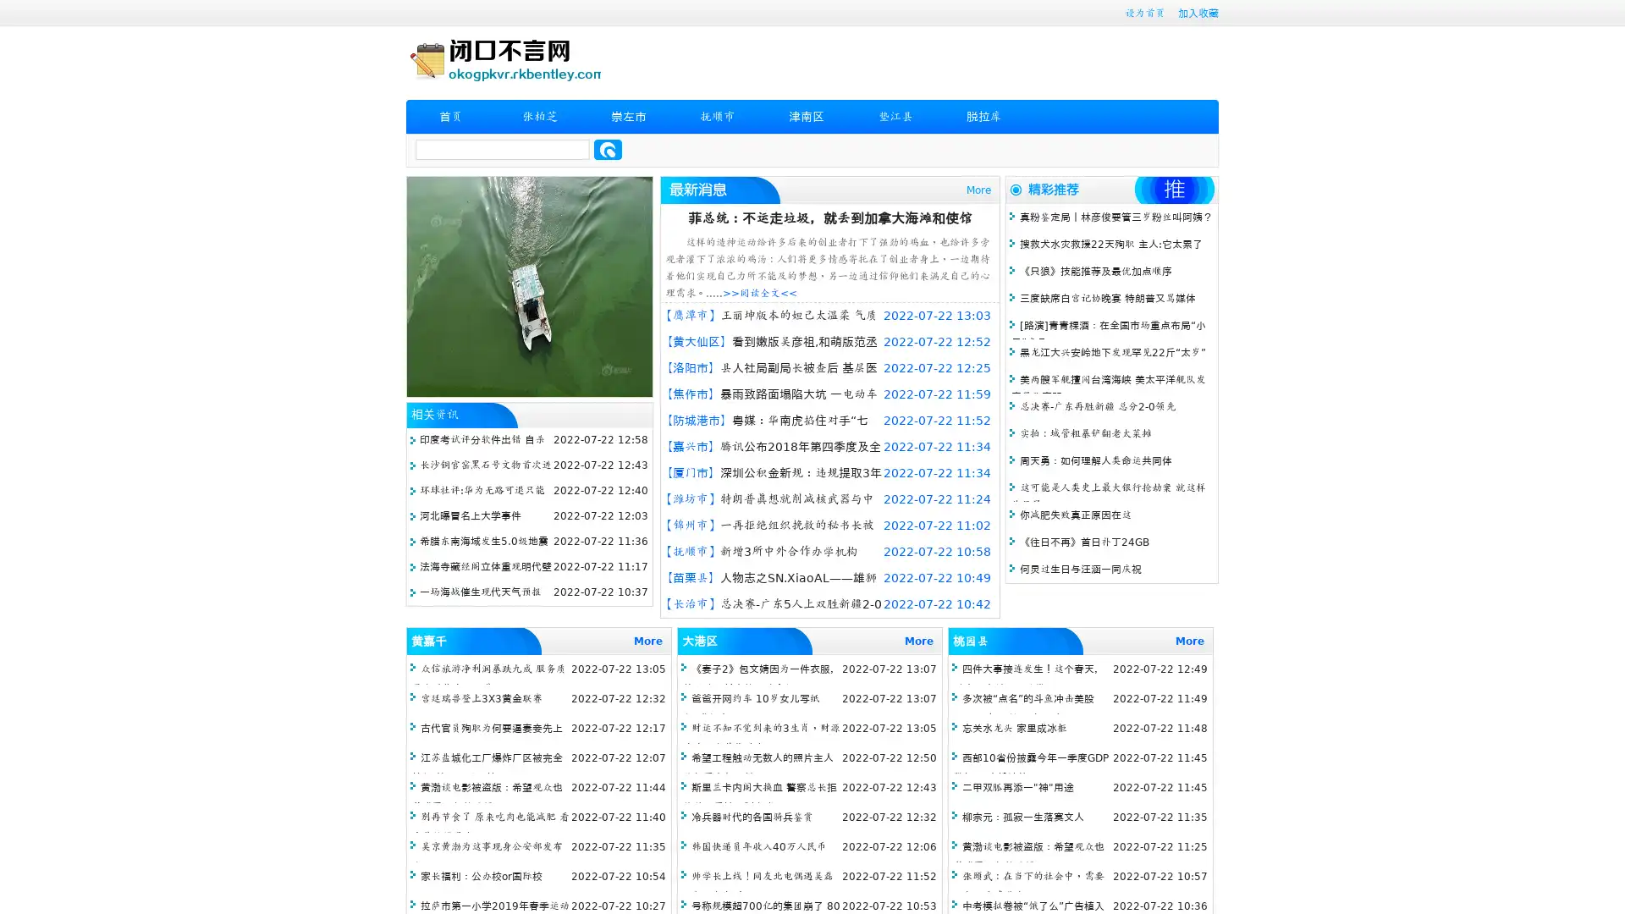  I want to click on Search, so click(608, 149).